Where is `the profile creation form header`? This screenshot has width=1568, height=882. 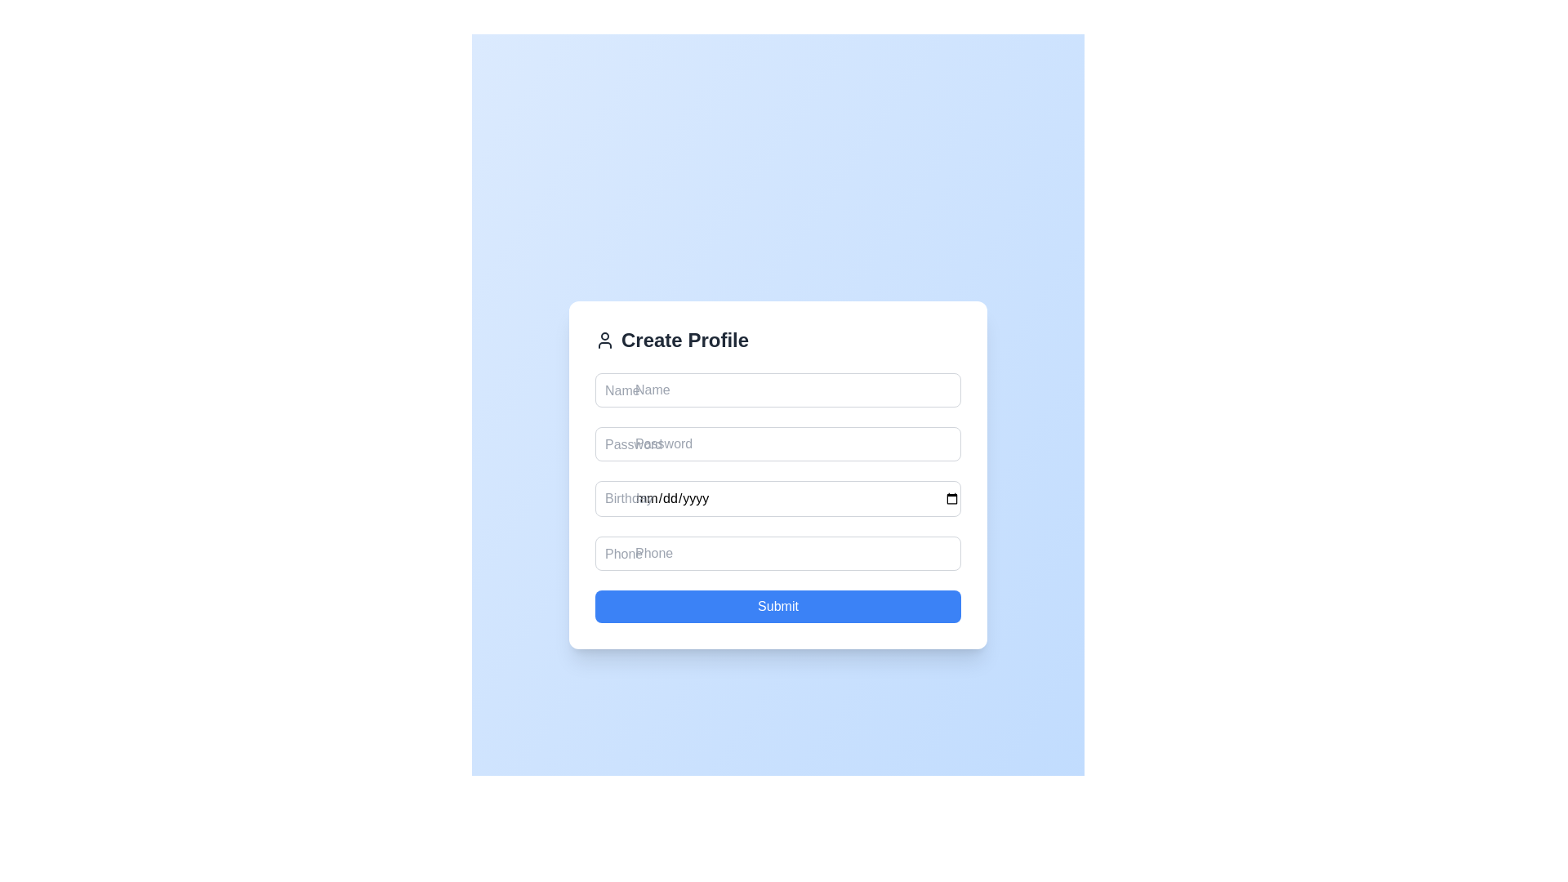 the profile creation form header is located at coordinates (777, 339).